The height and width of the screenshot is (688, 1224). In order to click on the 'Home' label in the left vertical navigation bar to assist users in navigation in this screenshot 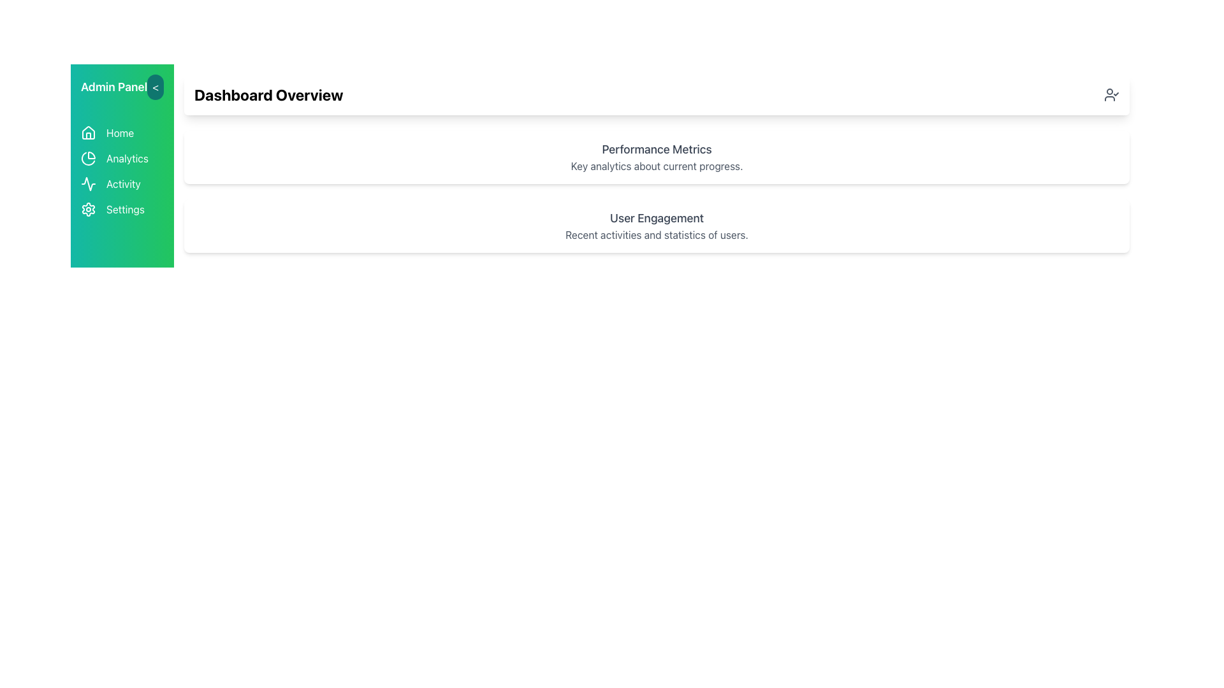, I will do `click(120, 133)`.